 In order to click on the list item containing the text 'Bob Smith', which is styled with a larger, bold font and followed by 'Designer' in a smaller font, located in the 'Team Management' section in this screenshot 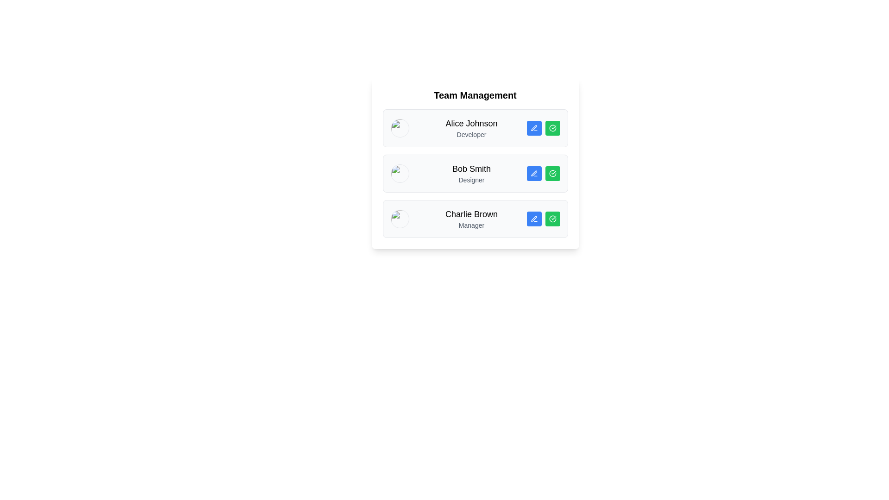, I will do `click(475, 173)`.